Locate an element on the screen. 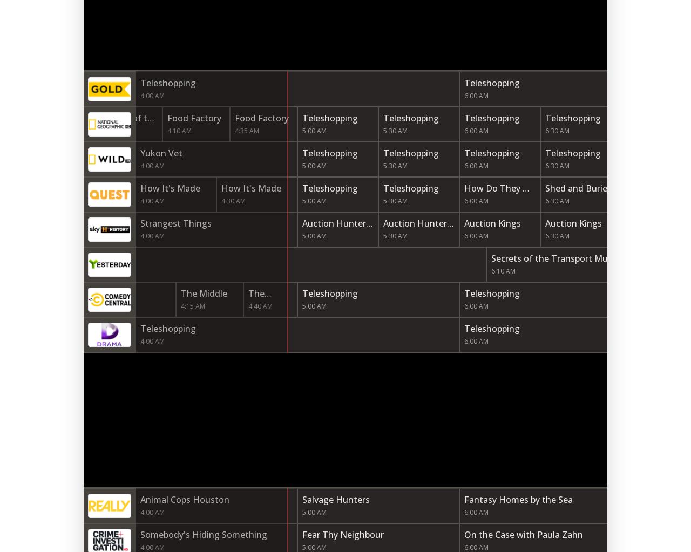 The height and width of the screenshot is (552, 691). 'Secrets of the Zoo: Keeper Tales' is located at coordinates (128, 131).